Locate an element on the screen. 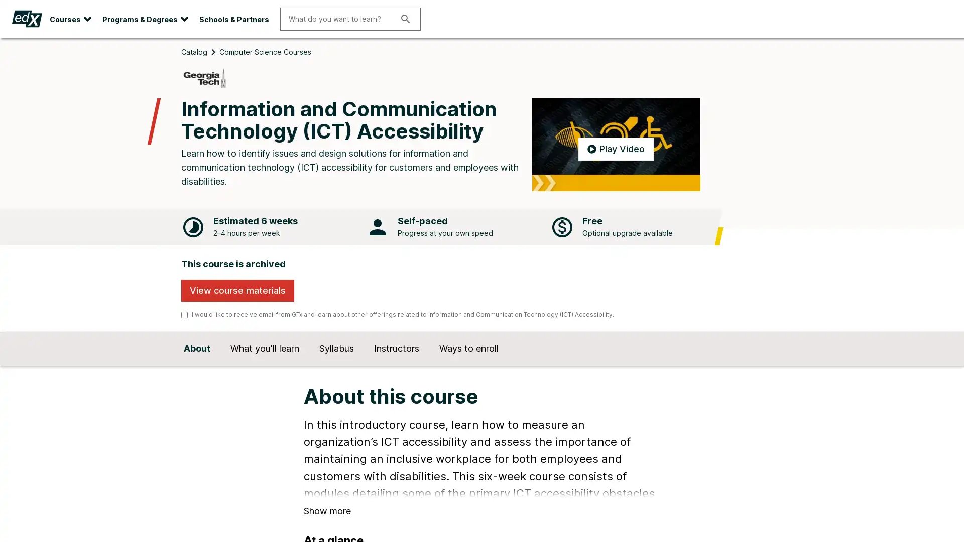  Close site banner. is located at coordinates (952, 46).